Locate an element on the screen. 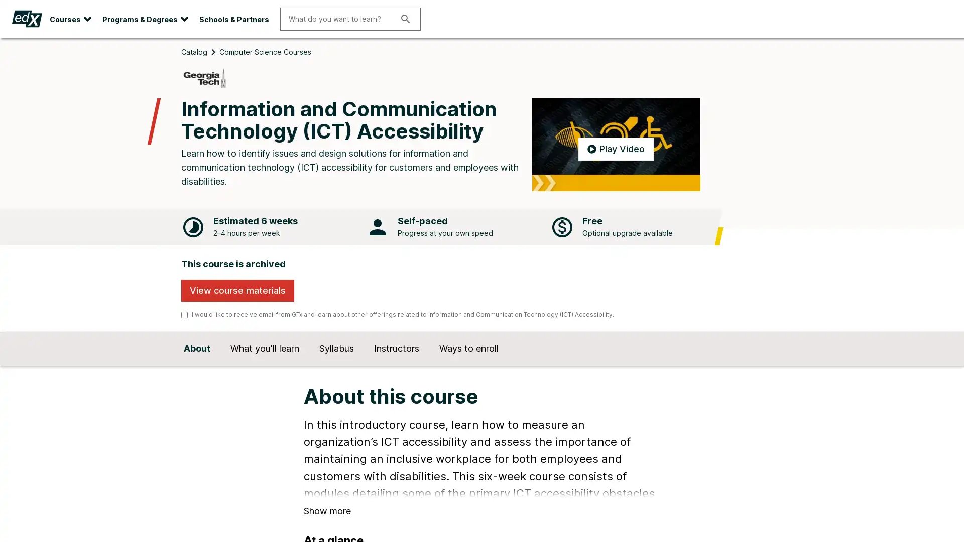  Close site banner. is located at coordinates (952, 46).